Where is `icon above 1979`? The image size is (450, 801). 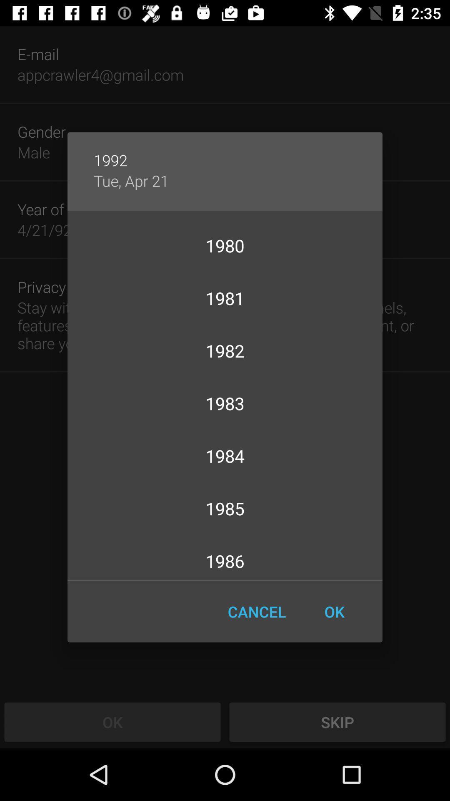 icon above 1979 is located at coordinates (131, 180).